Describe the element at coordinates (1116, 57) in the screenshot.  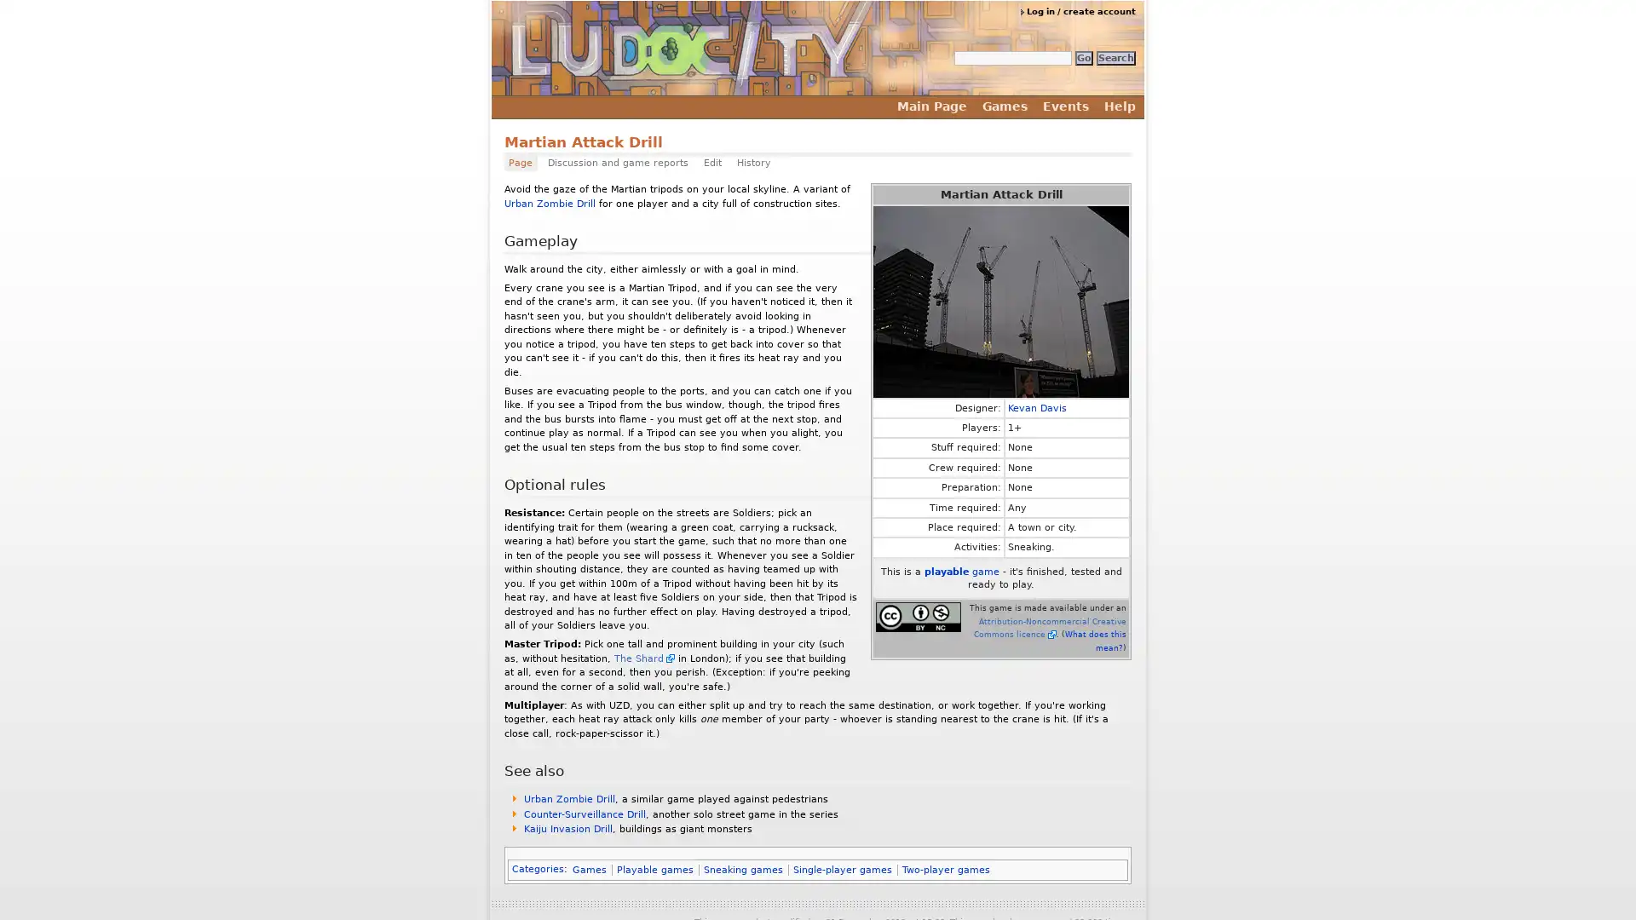
I see `Search` at that location.